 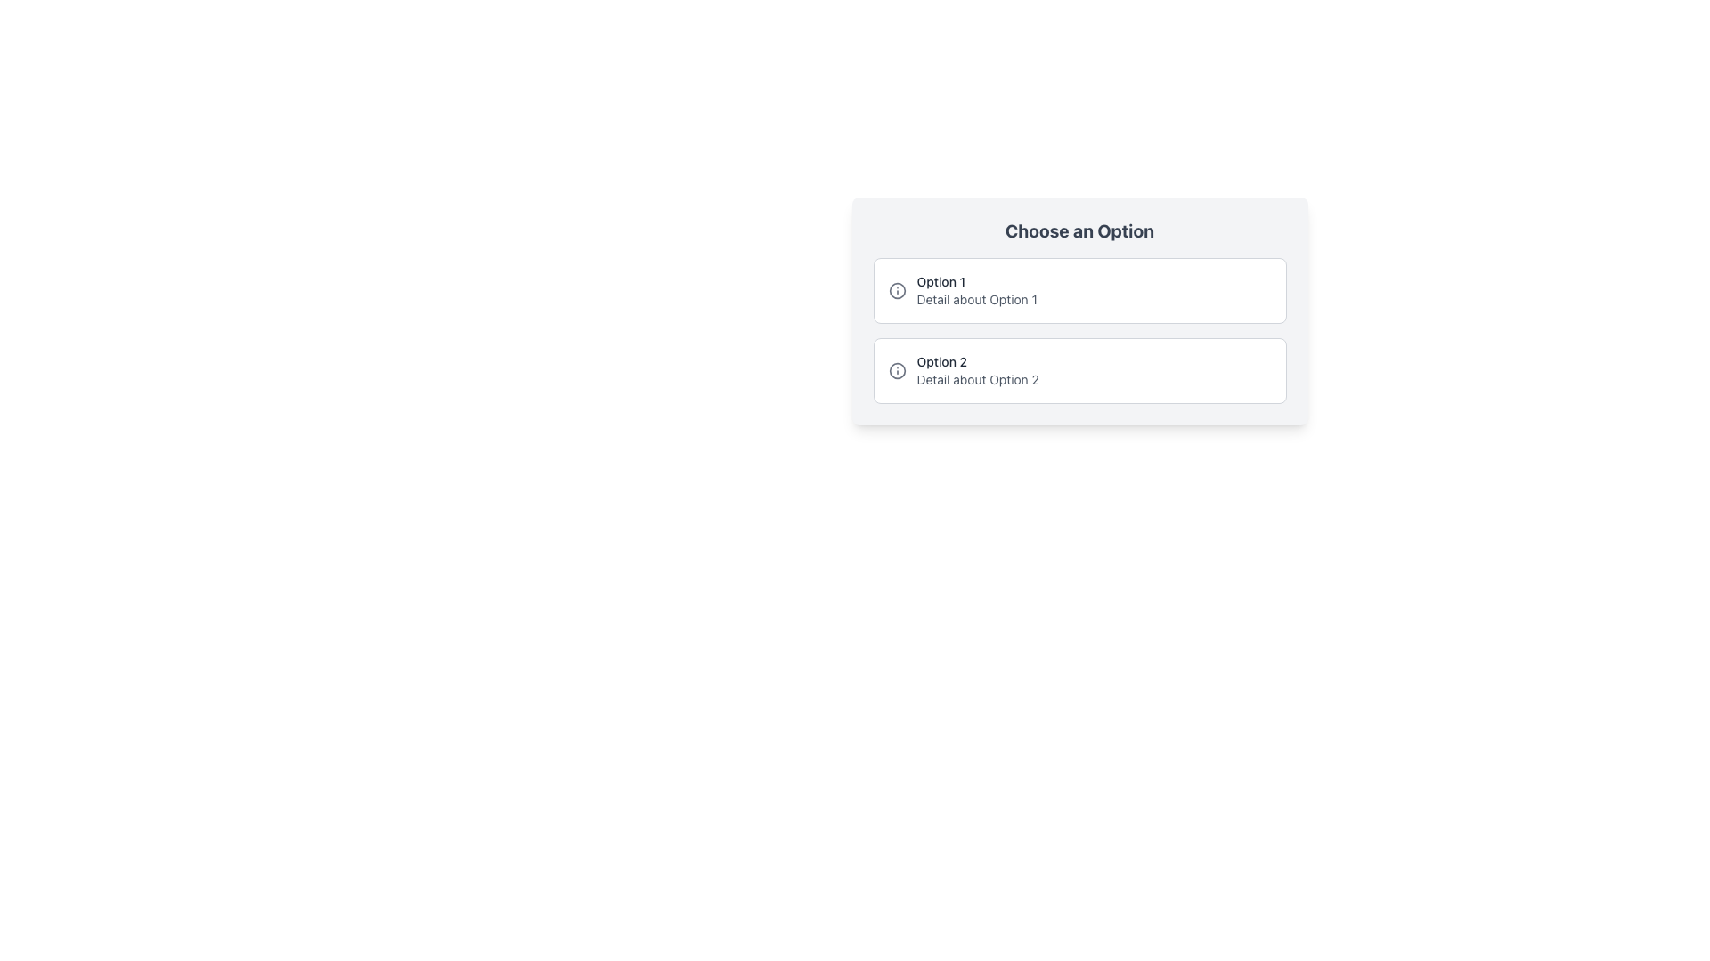 I want to click on the circular gray information icon located to the left of the text 'Option 2' within the second option box under 'Choose an Option', so click(x=897, y=369).